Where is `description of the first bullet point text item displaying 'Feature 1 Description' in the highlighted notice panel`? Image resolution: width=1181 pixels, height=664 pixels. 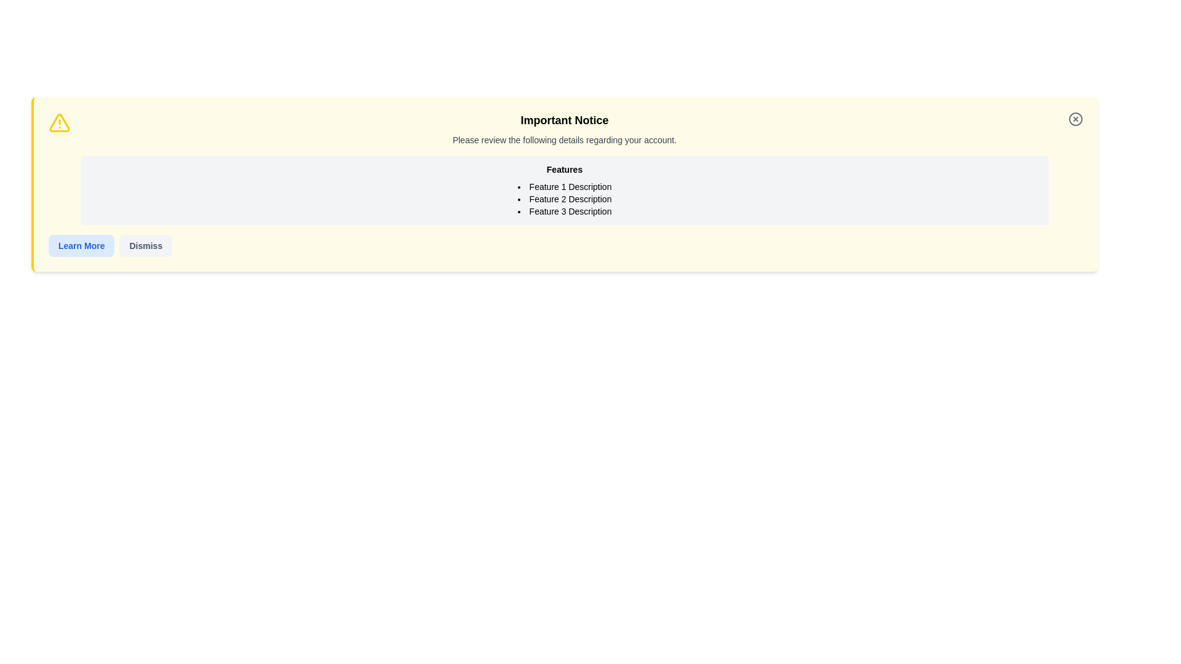
description of the first bullet point text item displaying 'Feature 1 Description' in the highlighted notice panel is located at coordinates (563, 187).